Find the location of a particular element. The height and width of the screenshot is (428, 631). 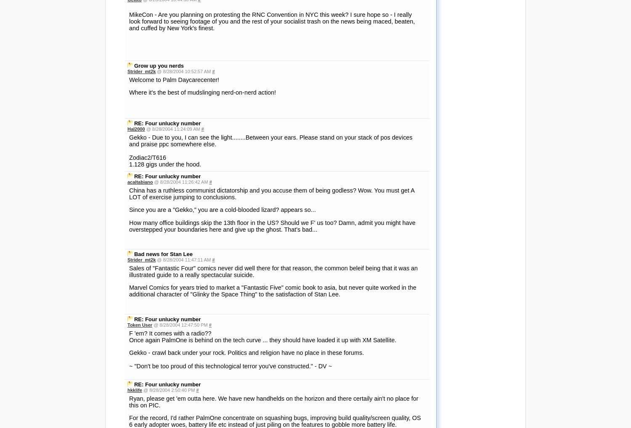

'@ 8/28/2004 12:47:50 PM' is located at coordinates (180, 324).